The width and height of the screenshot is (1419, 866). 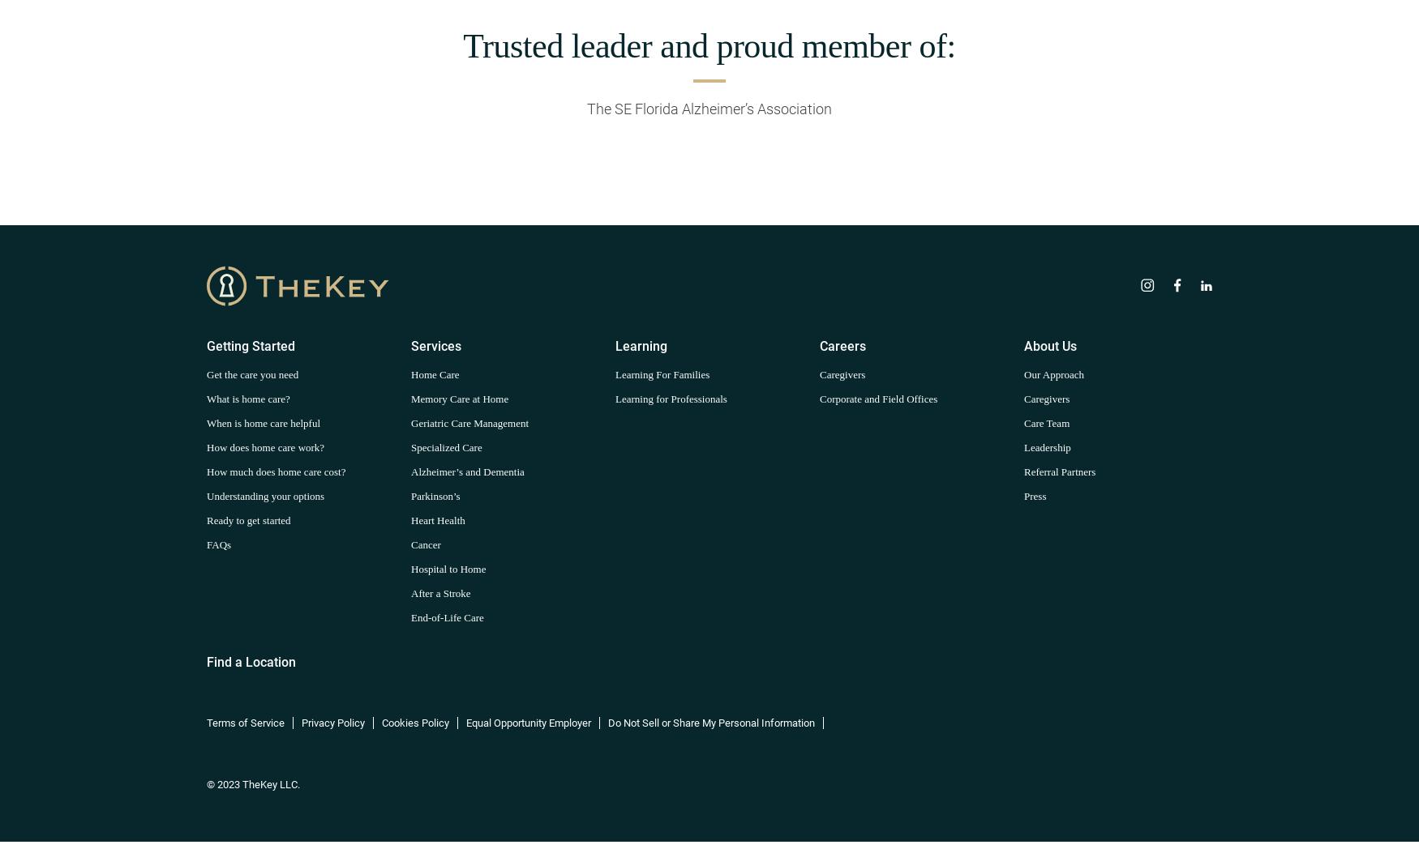 What do you see at coordinates (469, 421) in the screenshot?
I see `'Geriatric Care Management'` at bounding box center [469, 421].